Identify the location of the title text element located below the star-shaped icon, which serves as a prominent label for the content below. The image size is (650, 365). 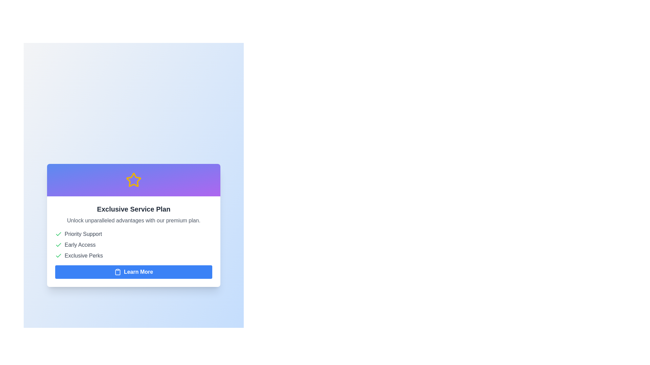
(133, 209).